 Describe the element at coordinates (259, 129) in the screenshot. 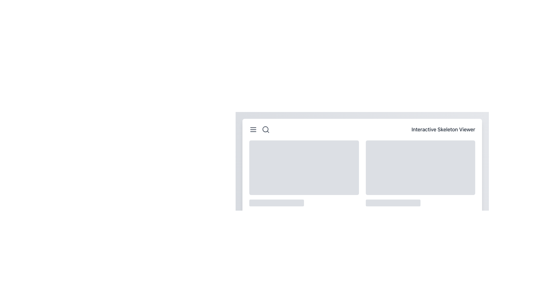

I see `the Icon button located on the leftmost side of the toolbar` at that location.